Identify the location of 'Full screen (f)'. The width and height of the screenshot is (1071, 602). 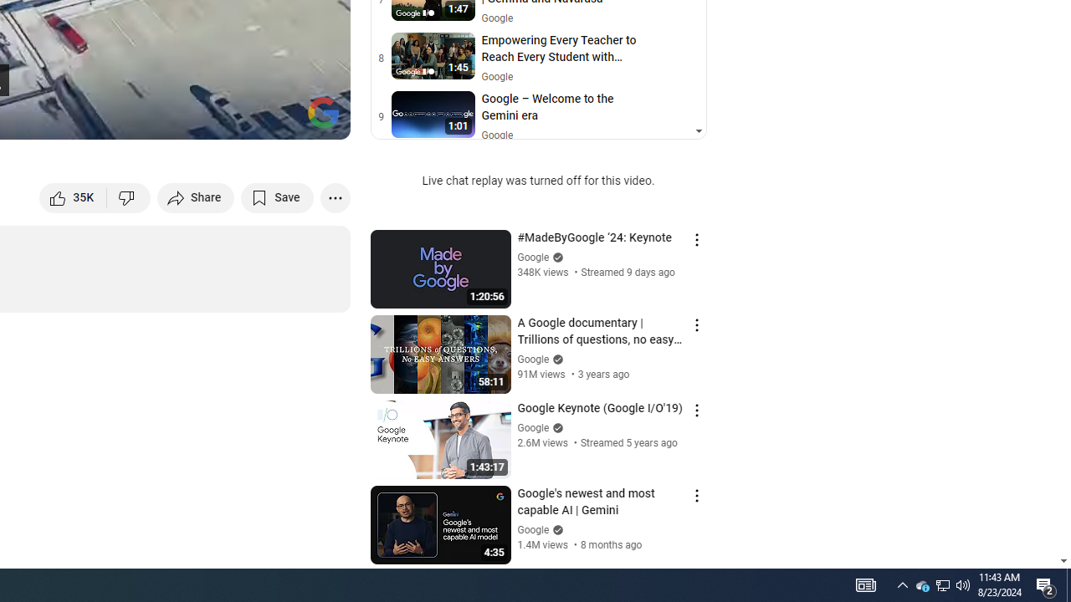
(320, 118).